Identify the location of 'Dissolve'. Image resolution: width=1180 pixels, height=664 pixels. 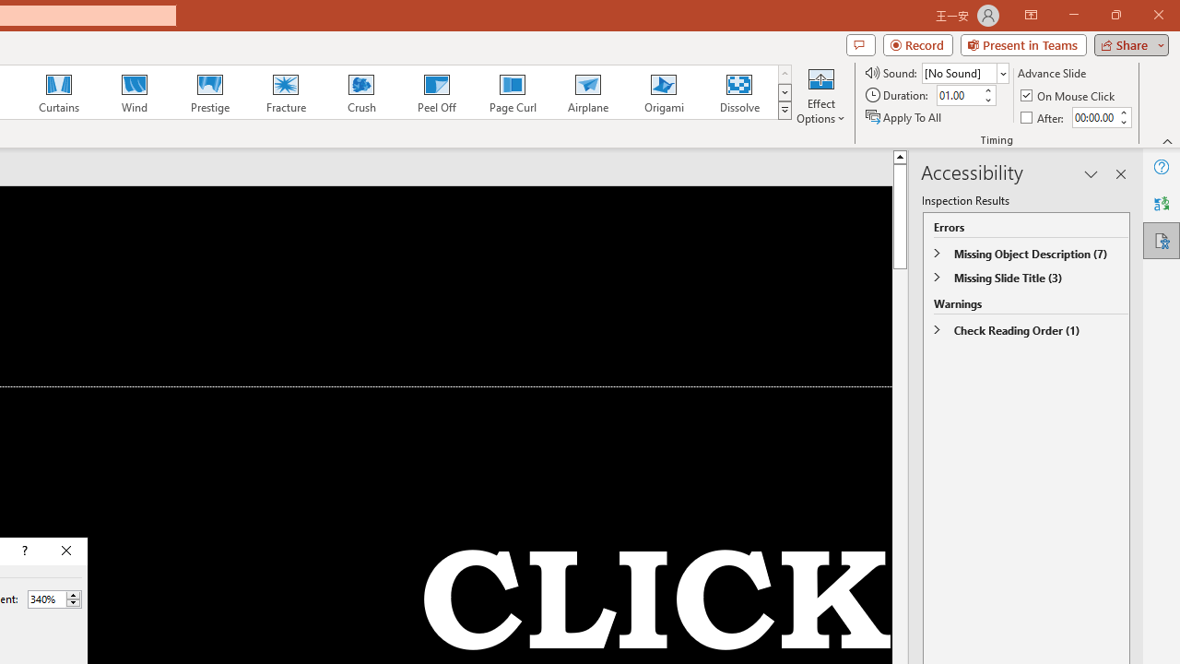
(739, 92).